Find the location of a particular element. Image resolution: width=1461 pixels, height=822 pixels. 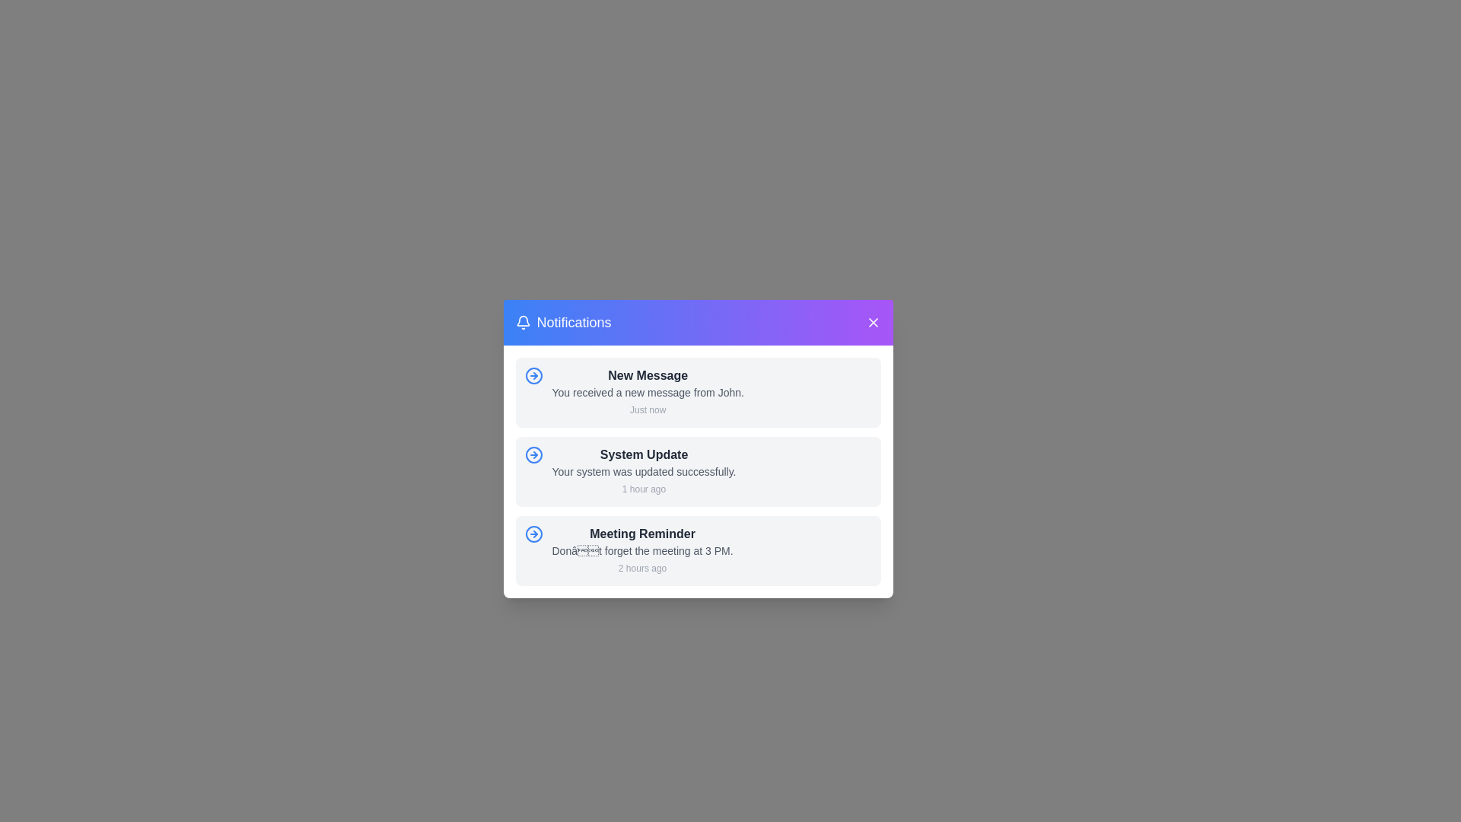

the timestamp text label for the 'Meeting Reminder' notification, which is positioned at the bottom right corner of the notification's text and icon is located at coordinates (642, 569).